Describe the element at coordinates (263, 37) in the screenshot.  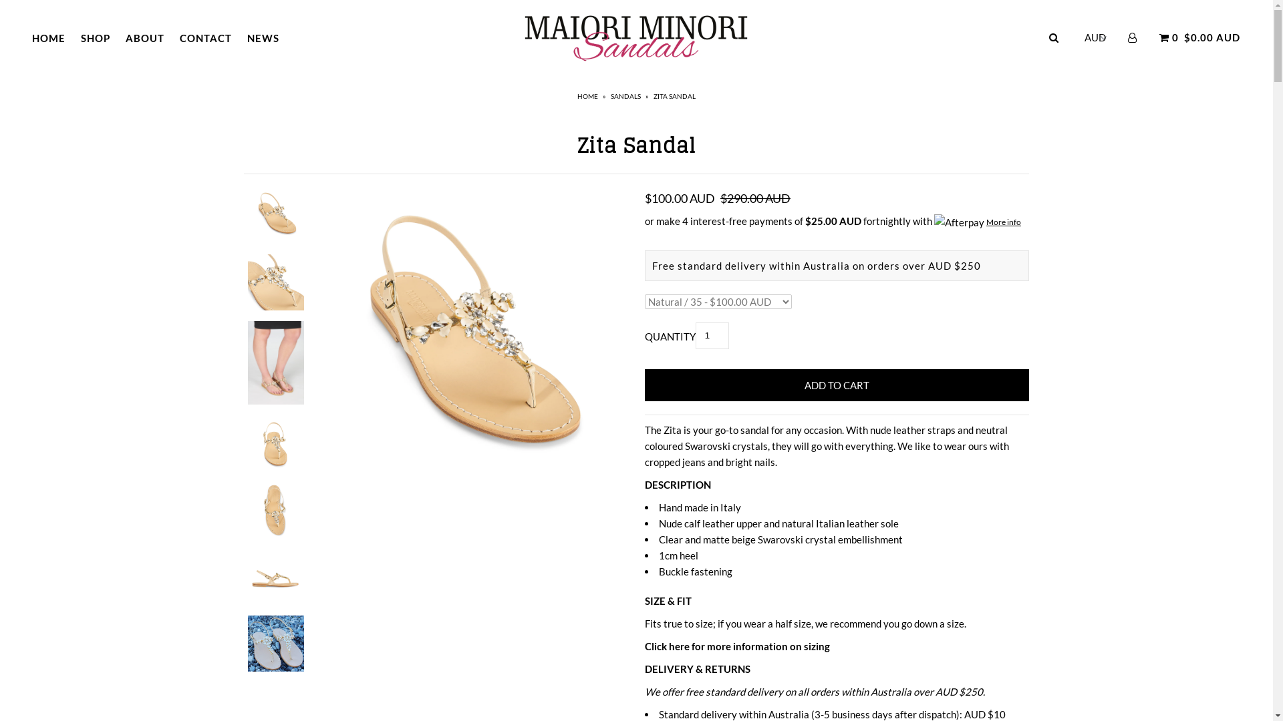
I see `'NEWS'` at that location.